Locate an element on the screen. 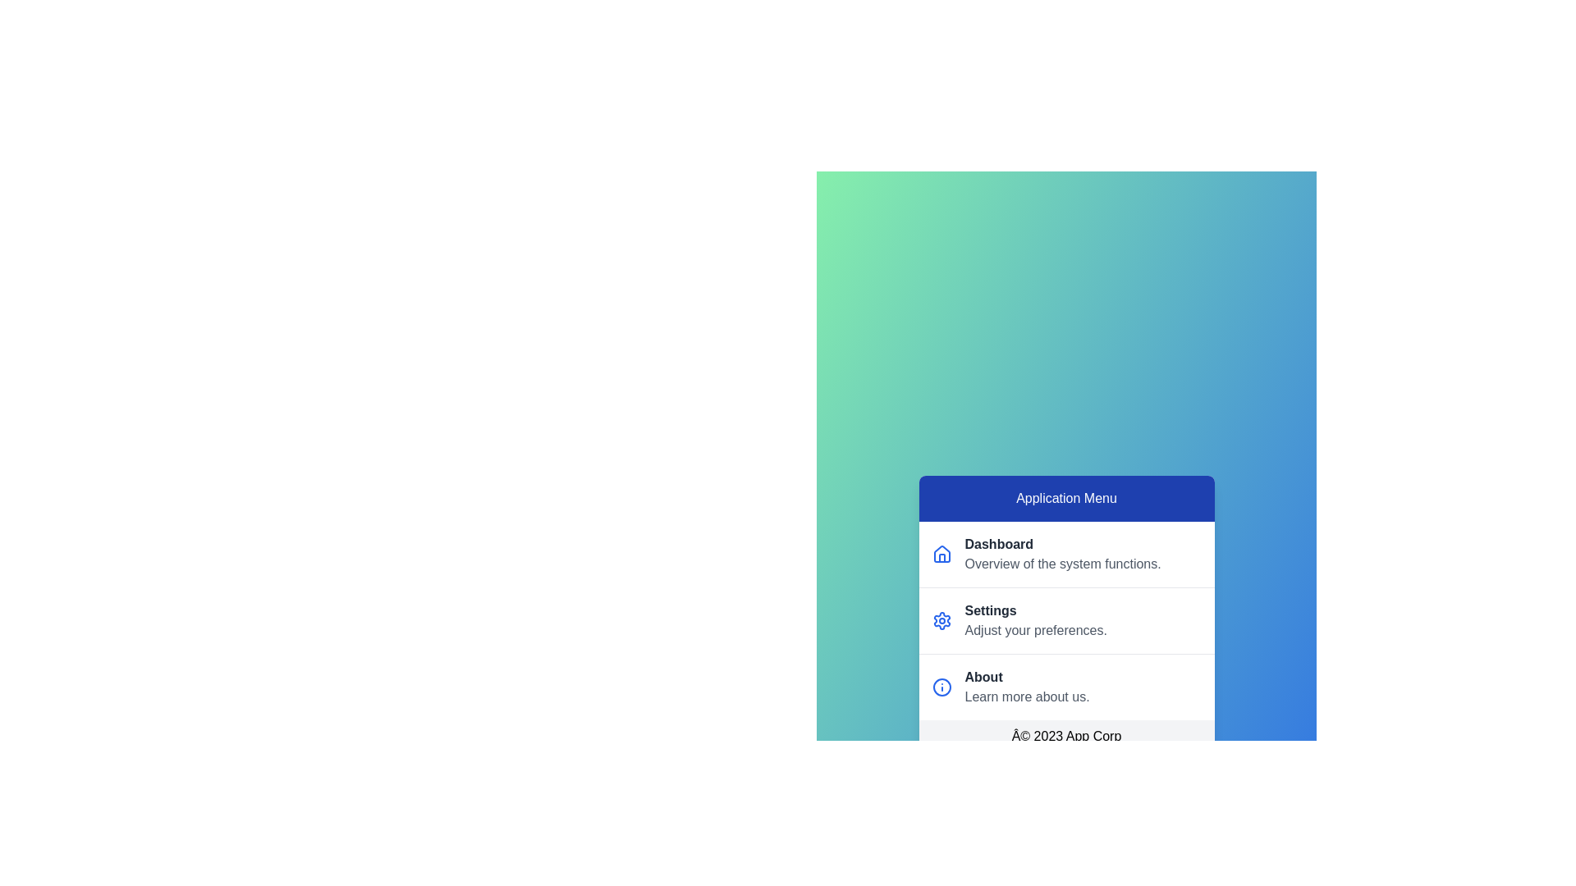  the menu item About to preview its description is located at coordinates (1066, 687).